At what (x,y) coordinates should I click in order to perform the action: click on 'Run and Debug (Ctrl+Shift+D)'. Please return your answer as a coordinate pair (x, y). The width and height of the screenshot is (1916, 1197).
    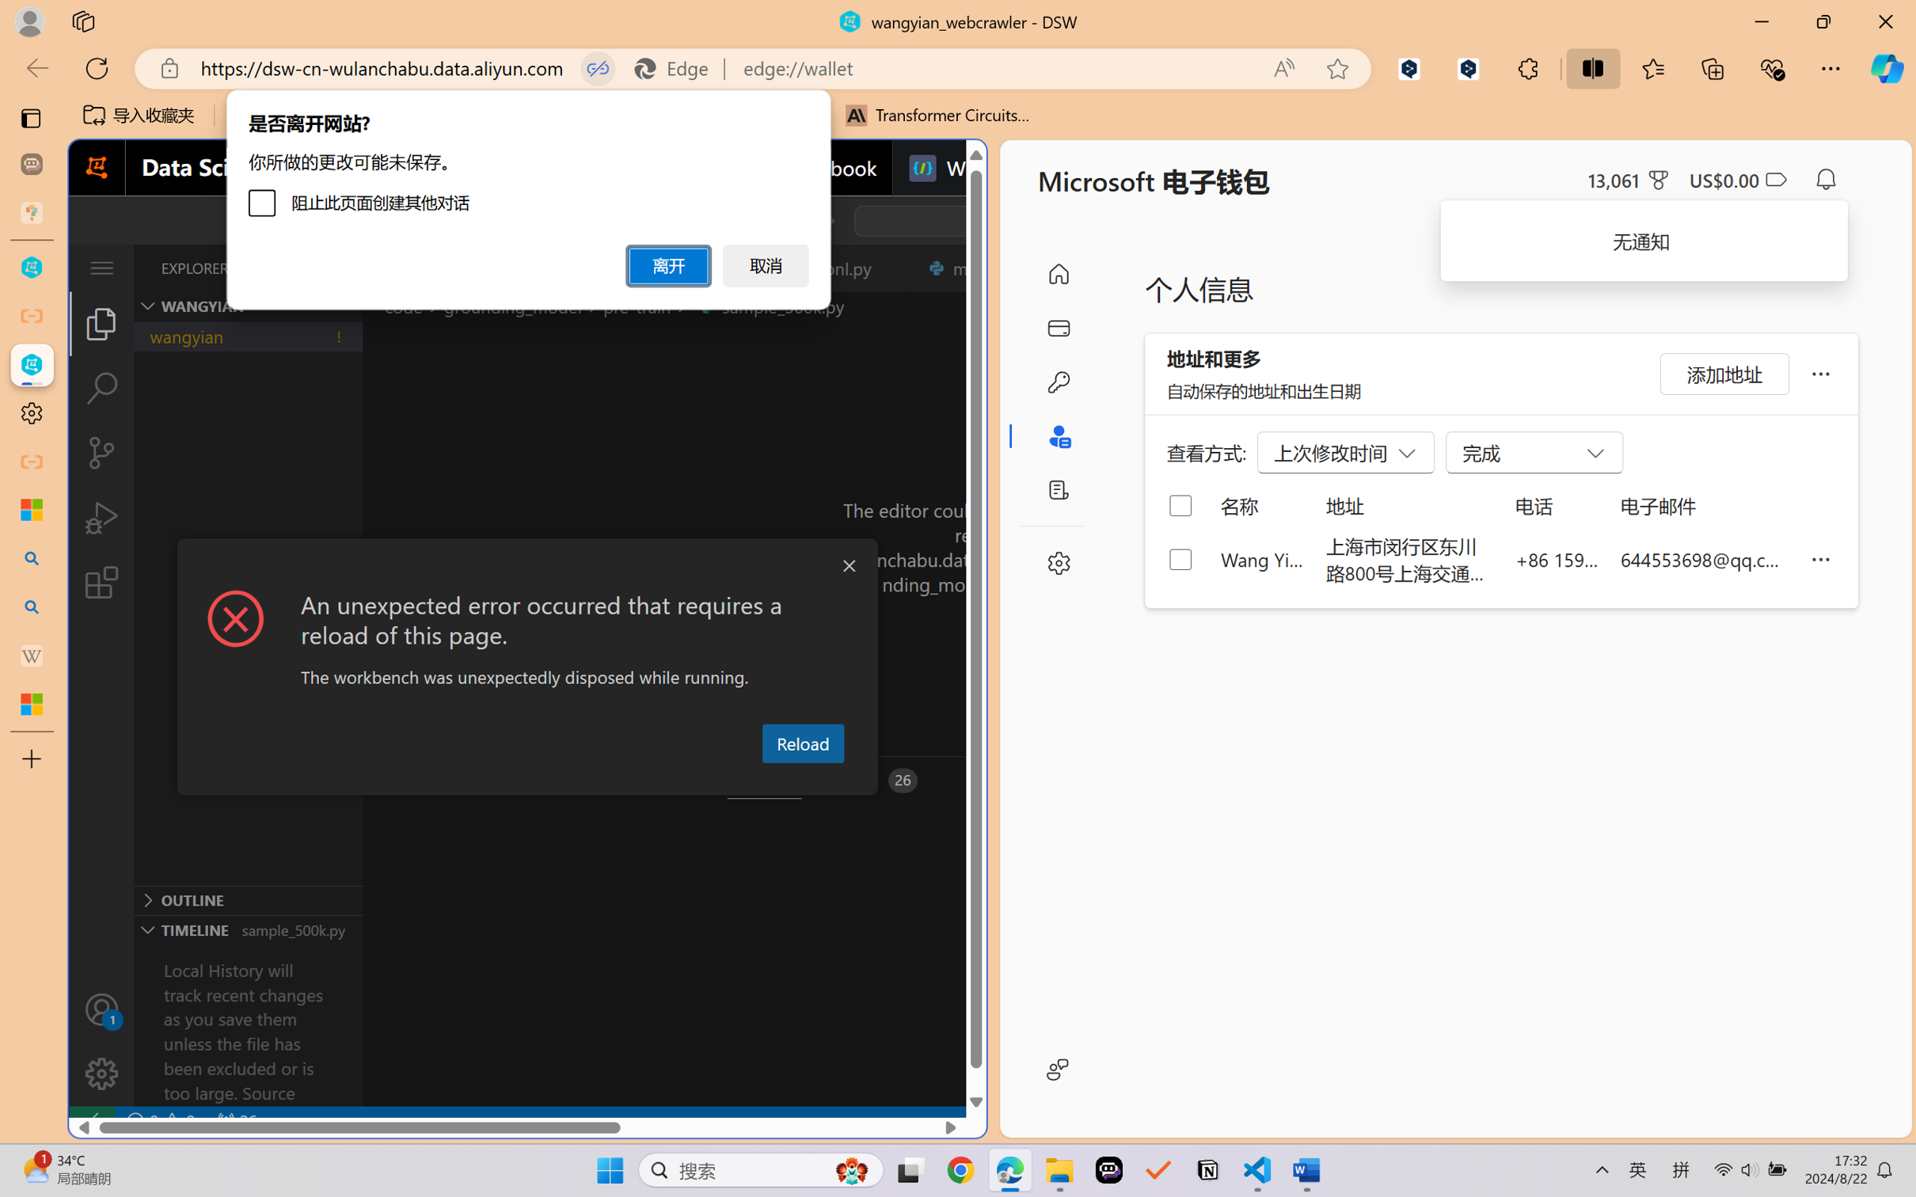
    Looking at the image, I should click on (101, 517).